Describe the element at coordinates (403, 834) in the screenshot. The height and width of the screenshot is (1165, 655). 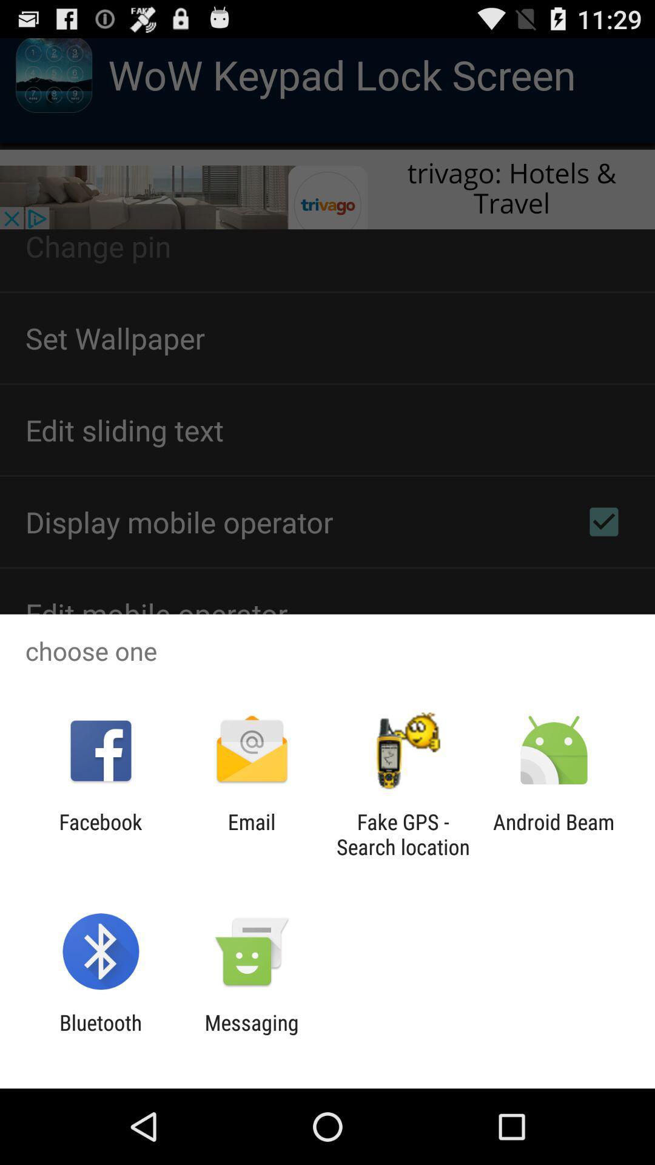
I see `the fake gps search icon` at that location.